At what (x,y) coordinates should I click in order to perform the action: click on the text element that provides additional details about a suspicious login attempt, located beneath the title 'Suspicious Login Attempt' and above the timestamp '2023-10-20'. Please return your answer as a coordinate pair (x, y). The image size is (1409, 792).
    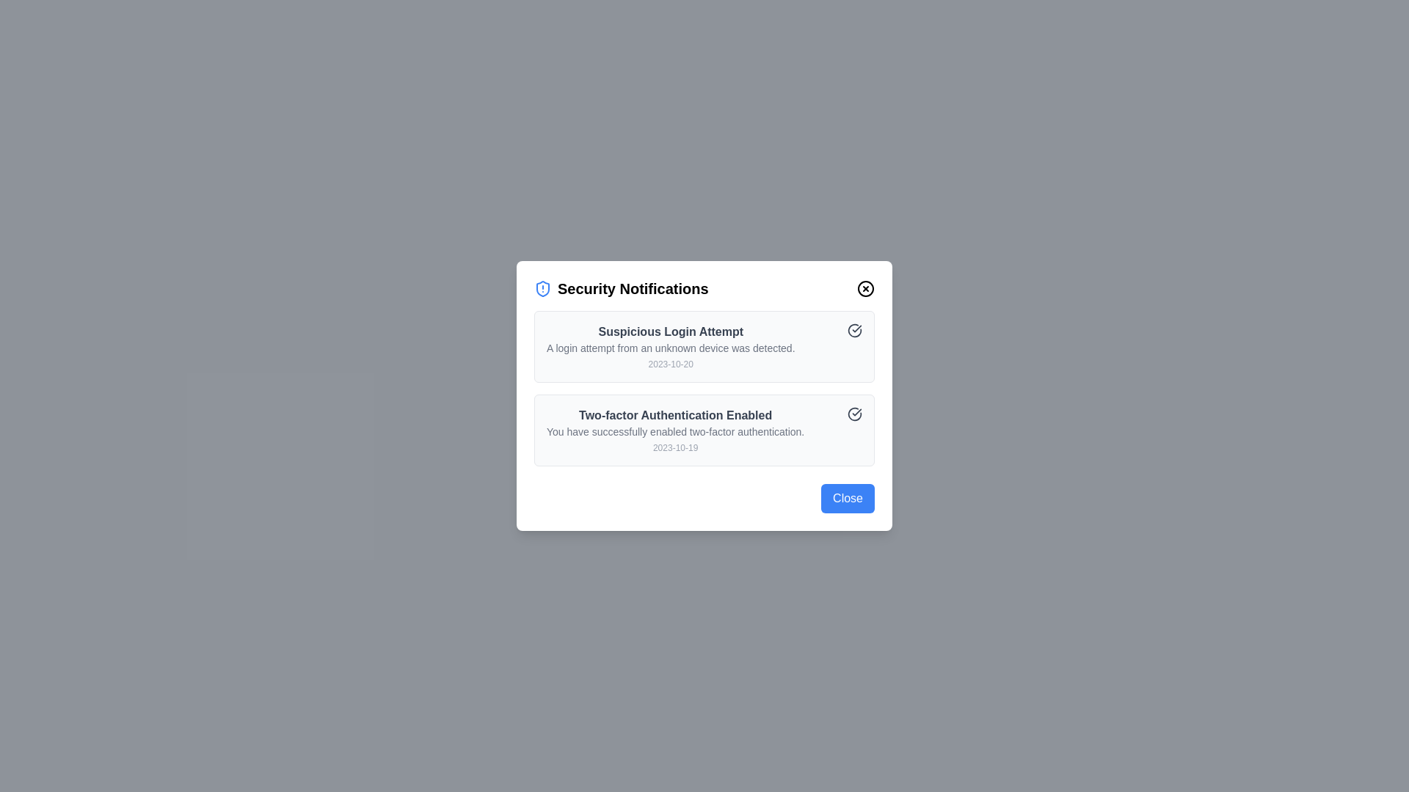
    Looking at the image, I should click on (670, 348).